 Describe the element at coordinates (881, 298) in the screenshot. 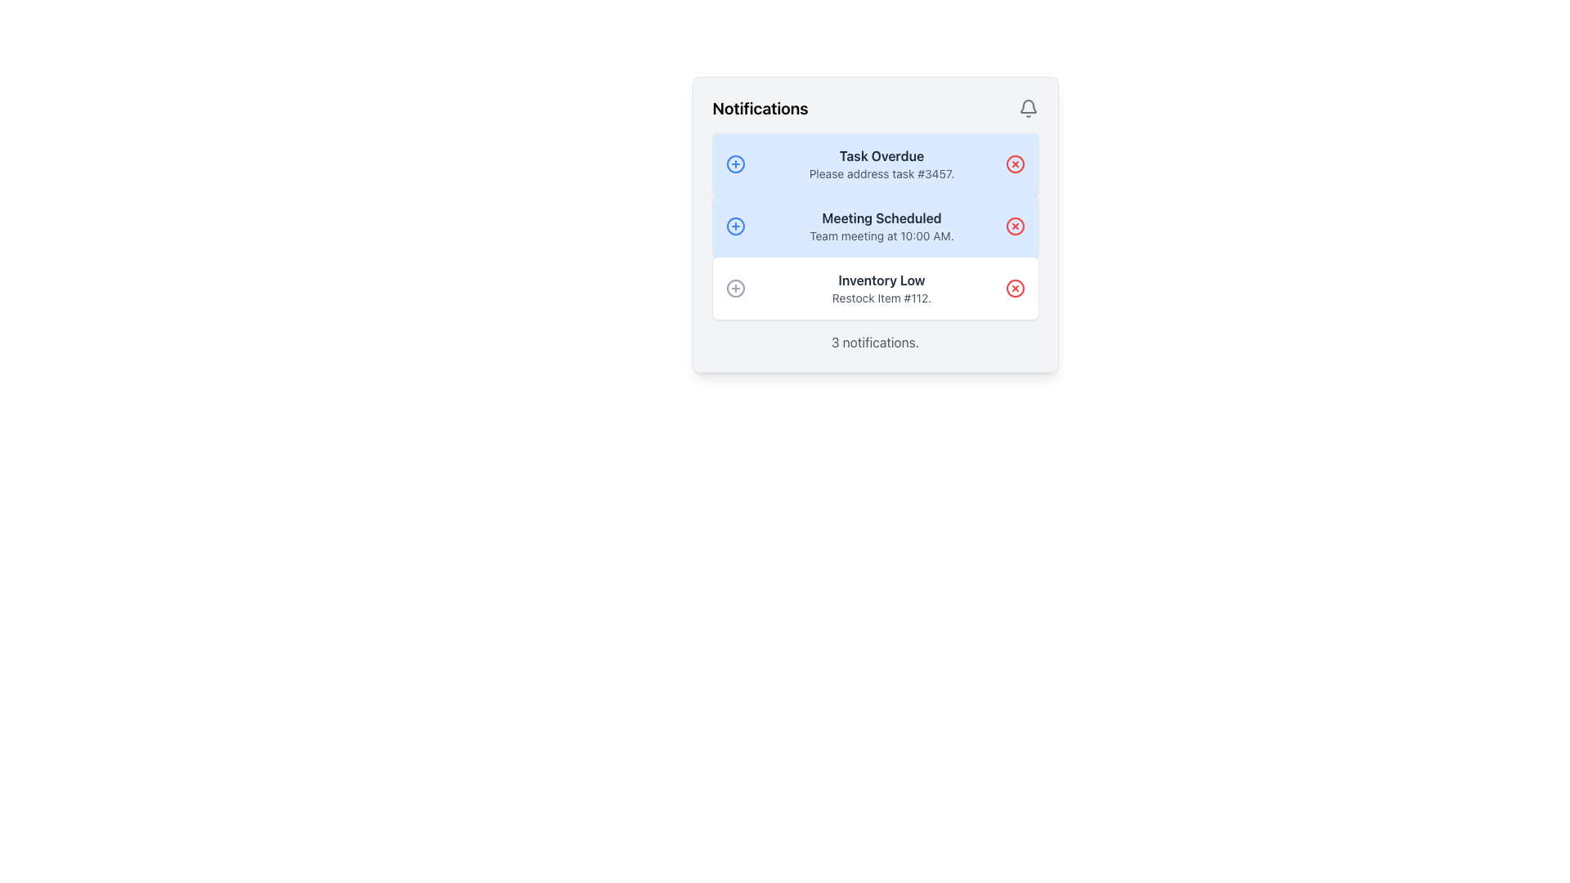

I see `the text label that provides additional details related to the 'Inventory Low' notification, located in the third notification card below the bolded text 'Inventory Low'` at that location.